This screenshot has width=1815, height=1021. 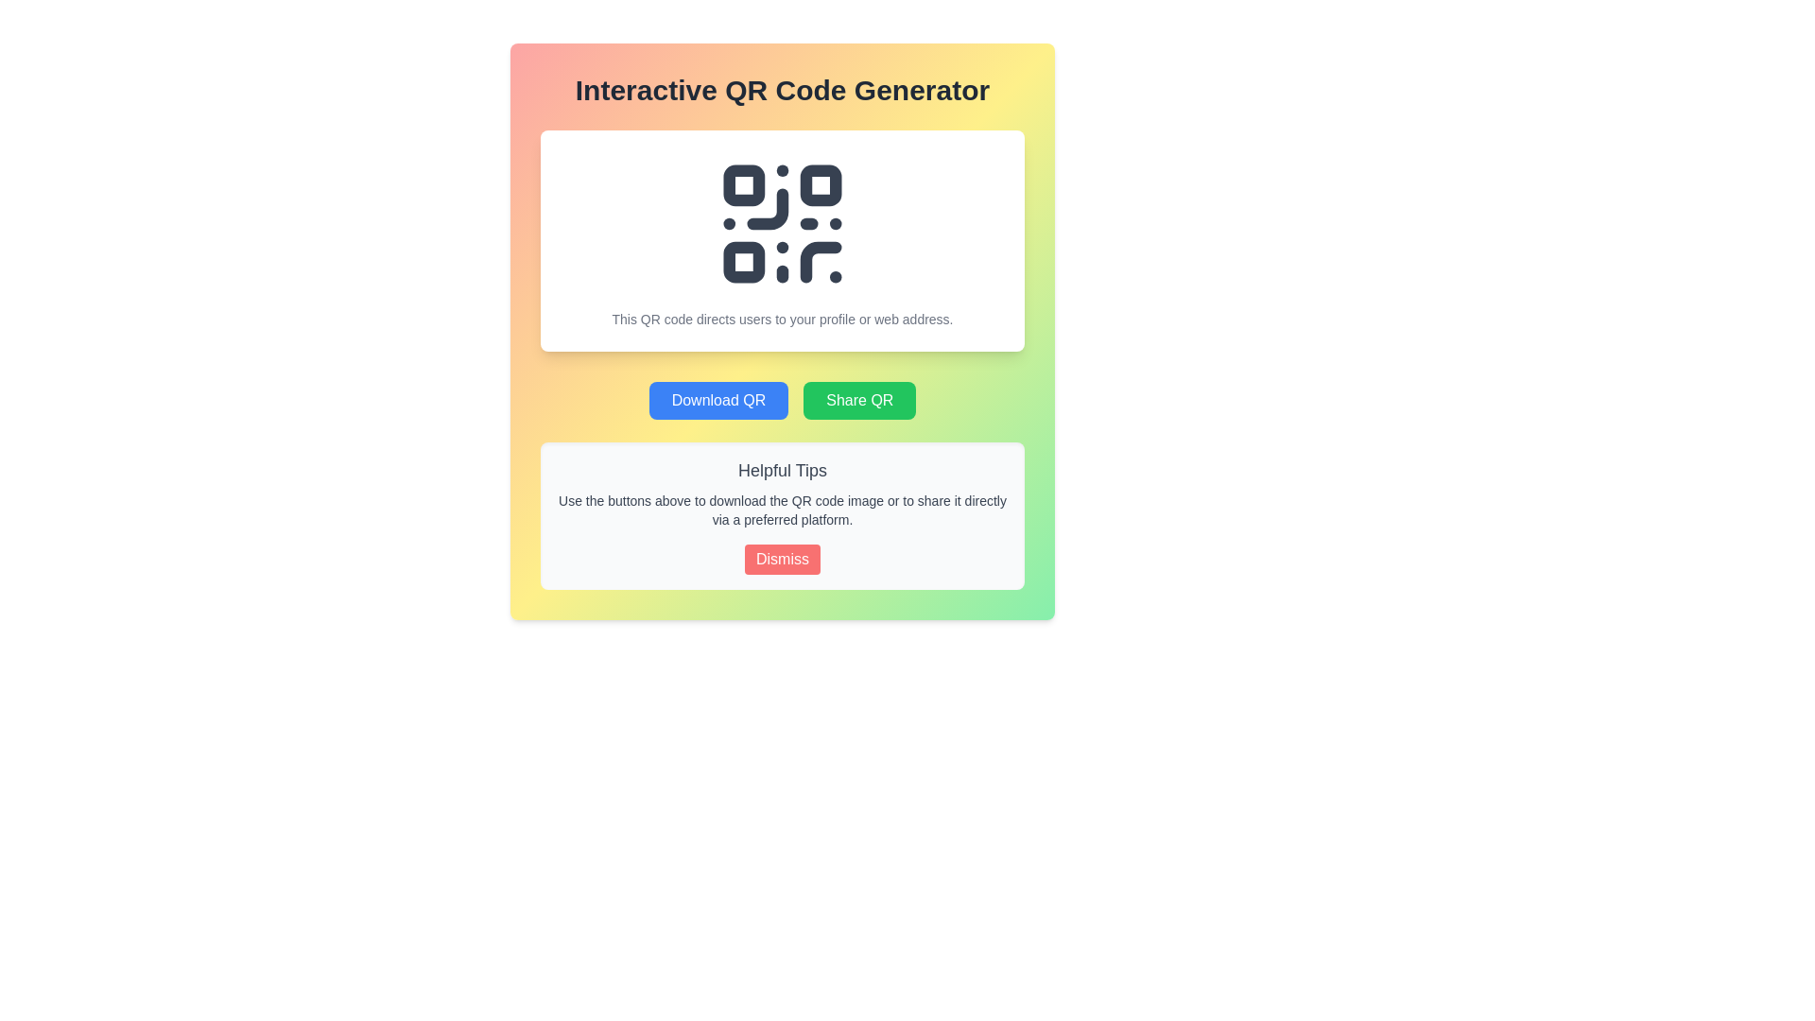 What do you see at coordinates (821, 262) in the screenshot?
I see `the visual design of the square module component within the QR code representation, located in the lower right corner of the QR code pattern on the webpage interface` at bounding box center [821, 262].